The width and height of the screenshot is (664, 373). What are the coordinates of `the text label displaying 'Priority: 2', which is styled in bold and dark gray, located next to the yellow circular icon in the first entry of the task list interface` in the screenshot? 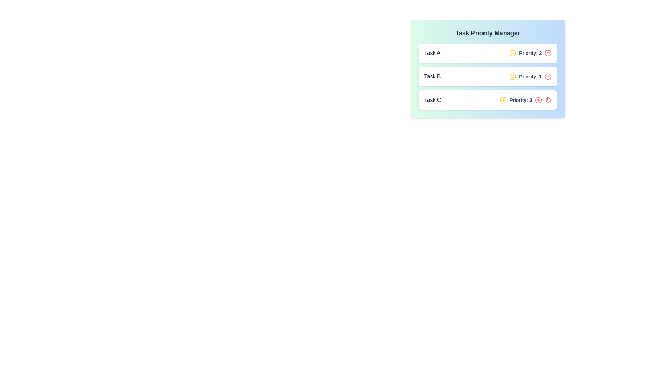 It's located at (530, 53).